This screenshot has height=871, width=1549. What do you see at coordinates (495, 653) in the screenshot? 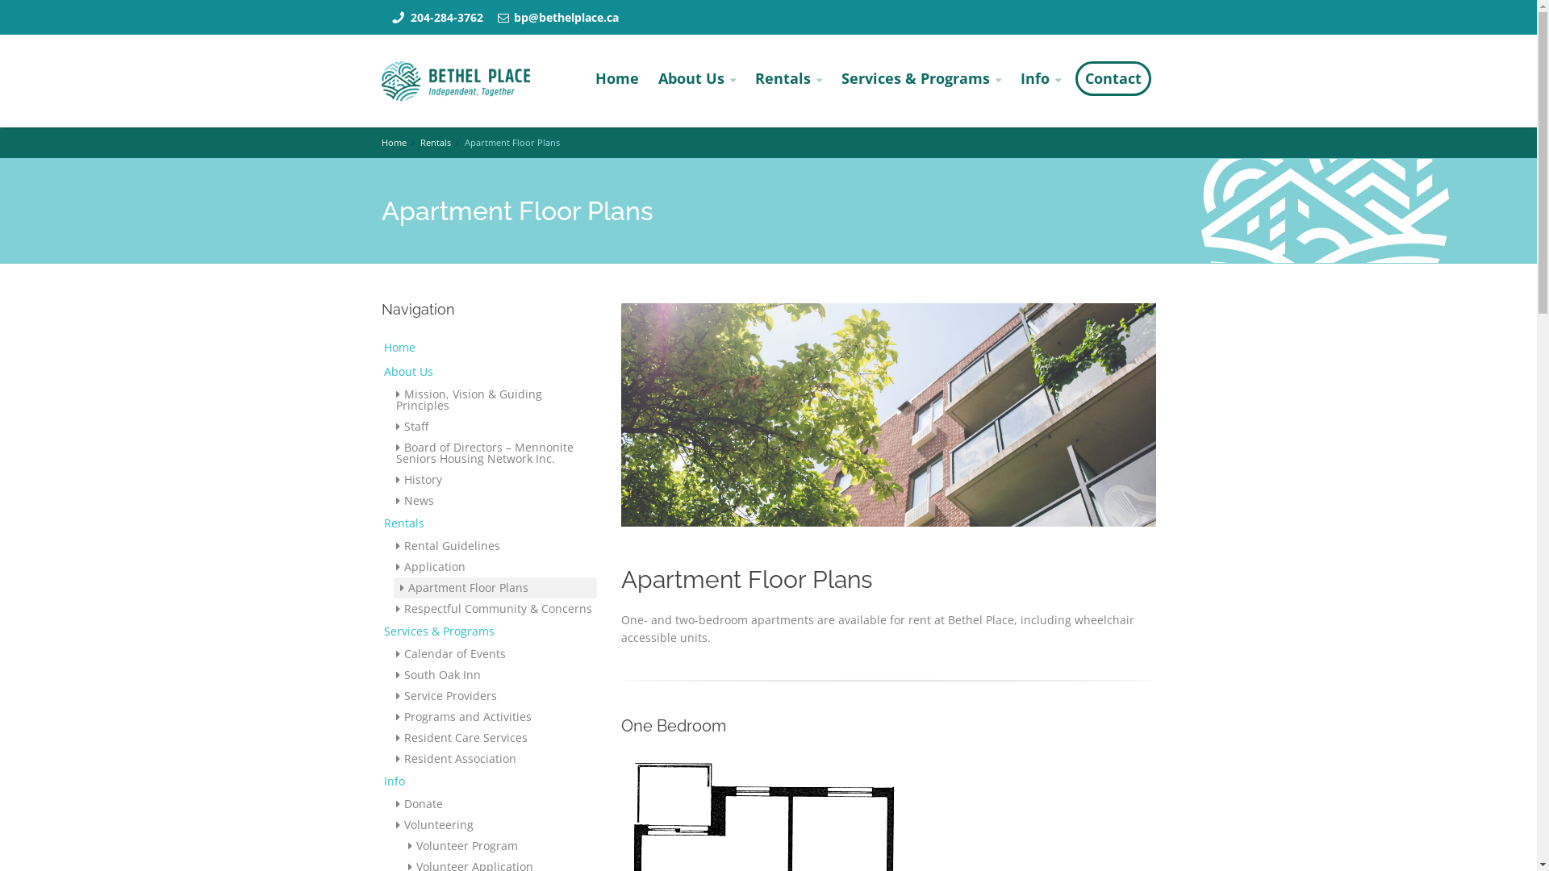
I see `'Calendar of Events'` at bounding box center [495, 653].